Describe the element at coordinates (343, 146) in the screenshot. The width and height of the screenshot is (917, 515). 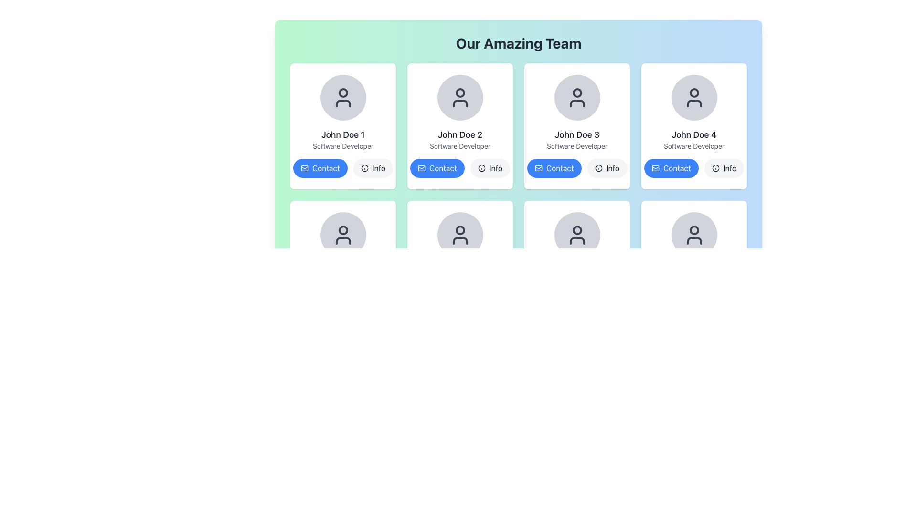
I see `the static text displaying the job title 'Software Developer' for 'John Doe 1', located beneath the name text and above the buttons labeled 'Contact' and 'Info'` at that location.